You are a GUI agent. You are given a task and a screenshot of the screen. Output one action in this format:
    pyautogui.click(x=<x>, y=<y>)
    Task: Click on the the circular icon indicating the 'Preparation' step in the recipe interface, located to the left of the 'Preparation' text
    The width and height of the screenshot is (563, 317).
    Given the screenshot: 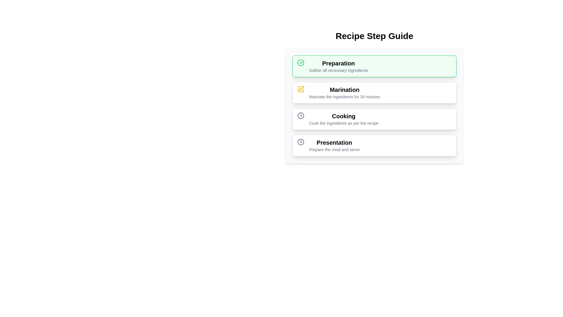 What is the action you would take?
    pyautogui.click(x=302, y=62)
    